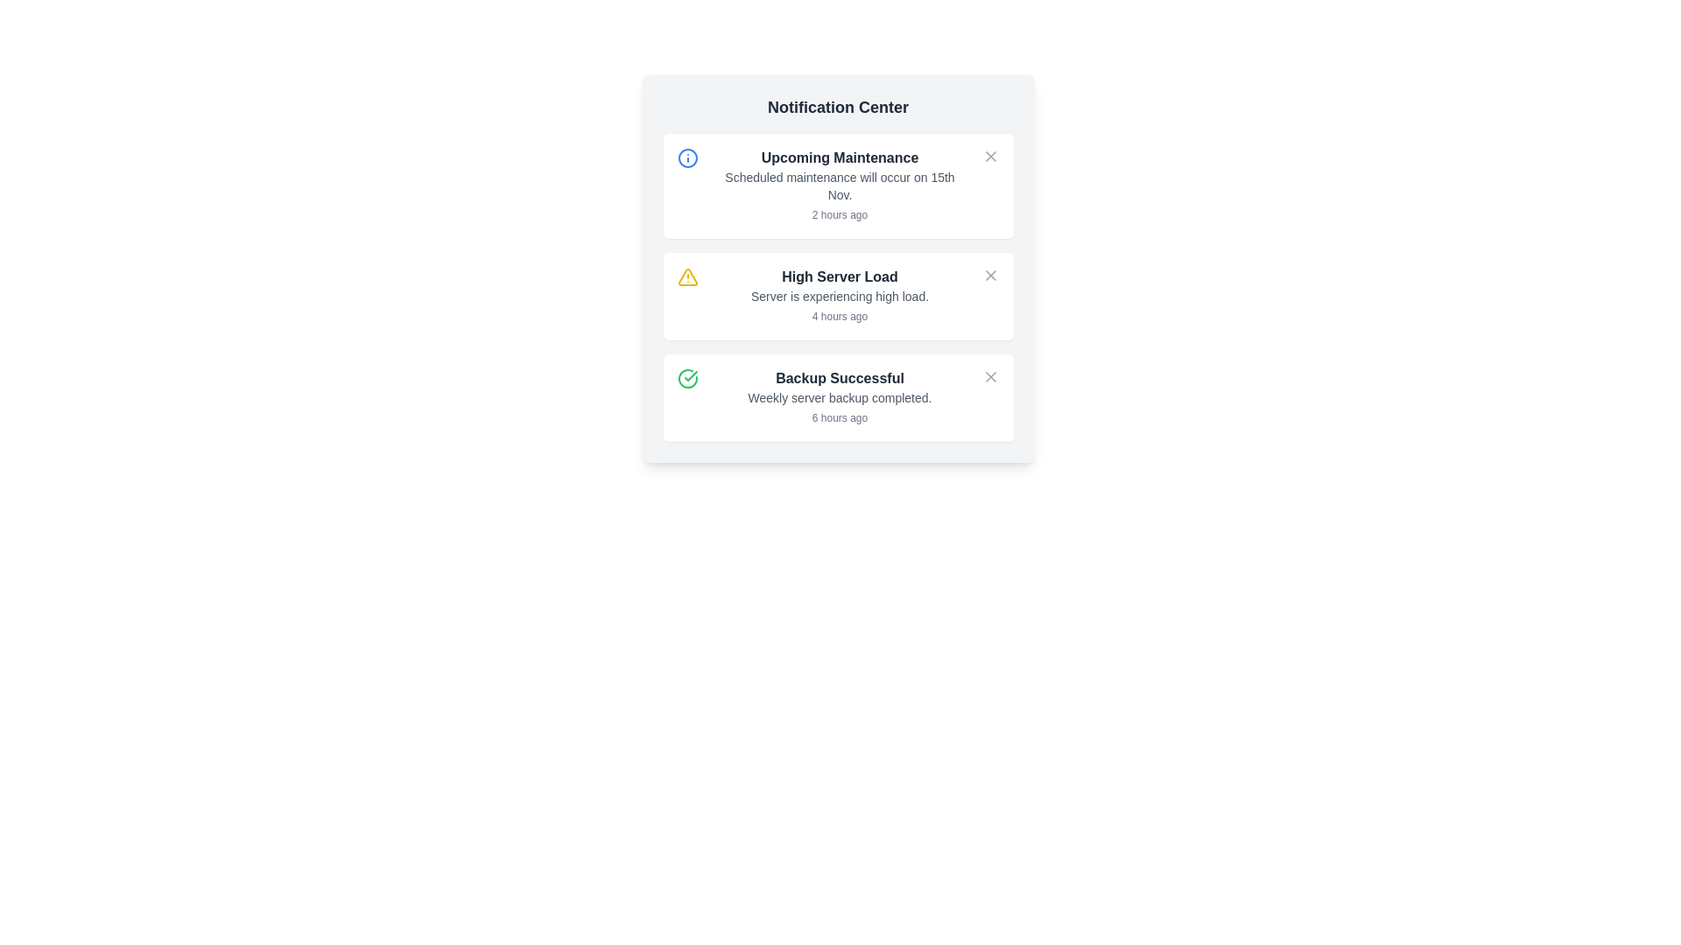 The width and height of the screenshot is (1681, 945). I want to click on the Notification card that summarizes a recent successful backup, located at the last position in the vertical list of notifications, so click(837, 398).